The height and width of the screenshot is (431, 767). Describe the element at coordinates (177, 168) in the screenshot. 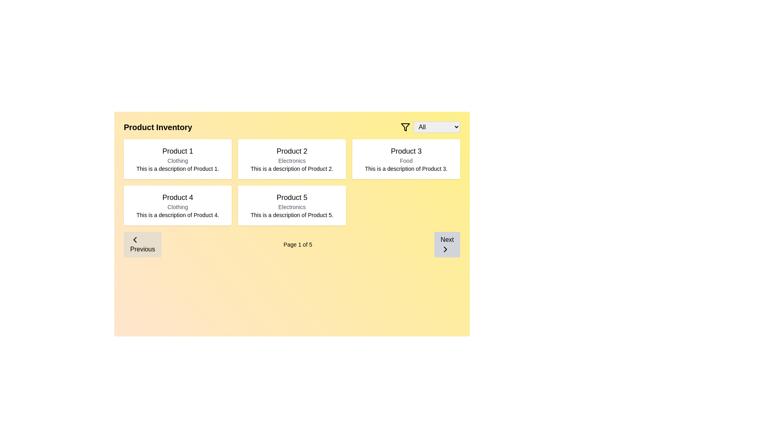

I see `the text label reading 'This is a description of Product 1.' located within the product card for 'Product 1', which is the top-left card in a grid of product cards` at that location.